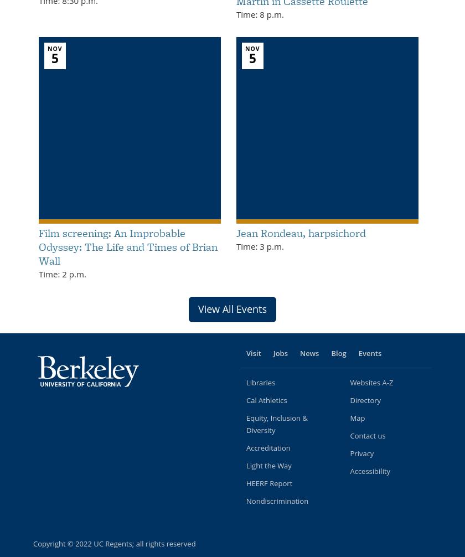 This screenshot has height=557, width=465. I want to click on 'Map', so click(350, 417).